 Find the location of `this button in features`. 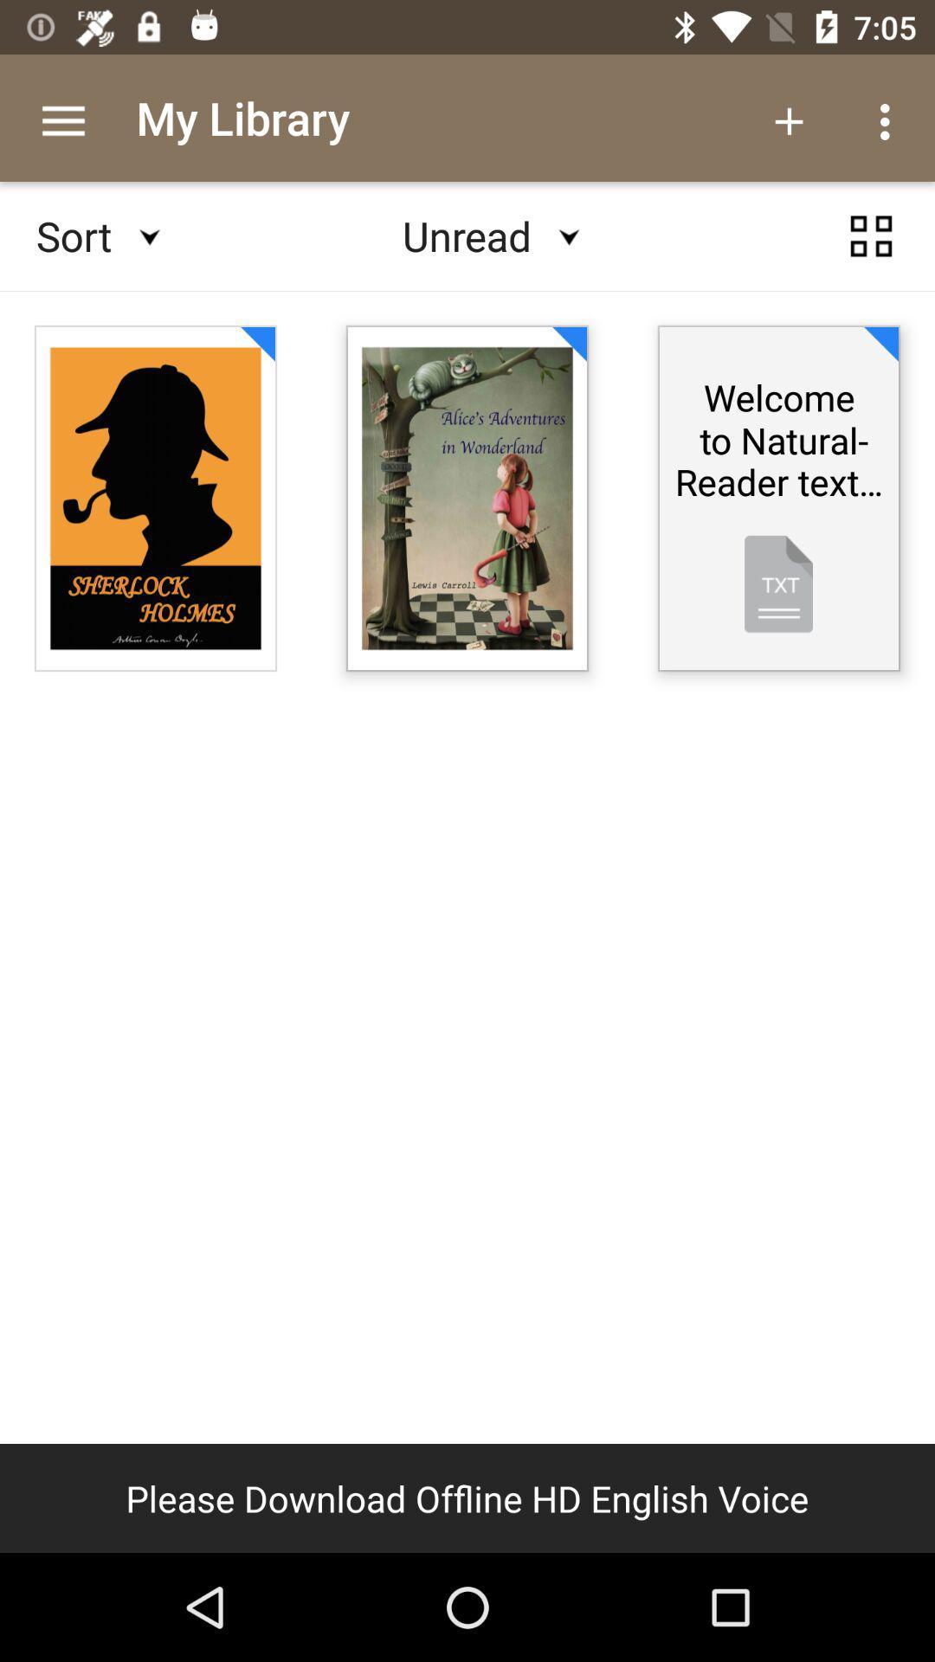

this button in features is located at coordinates (871, 235).